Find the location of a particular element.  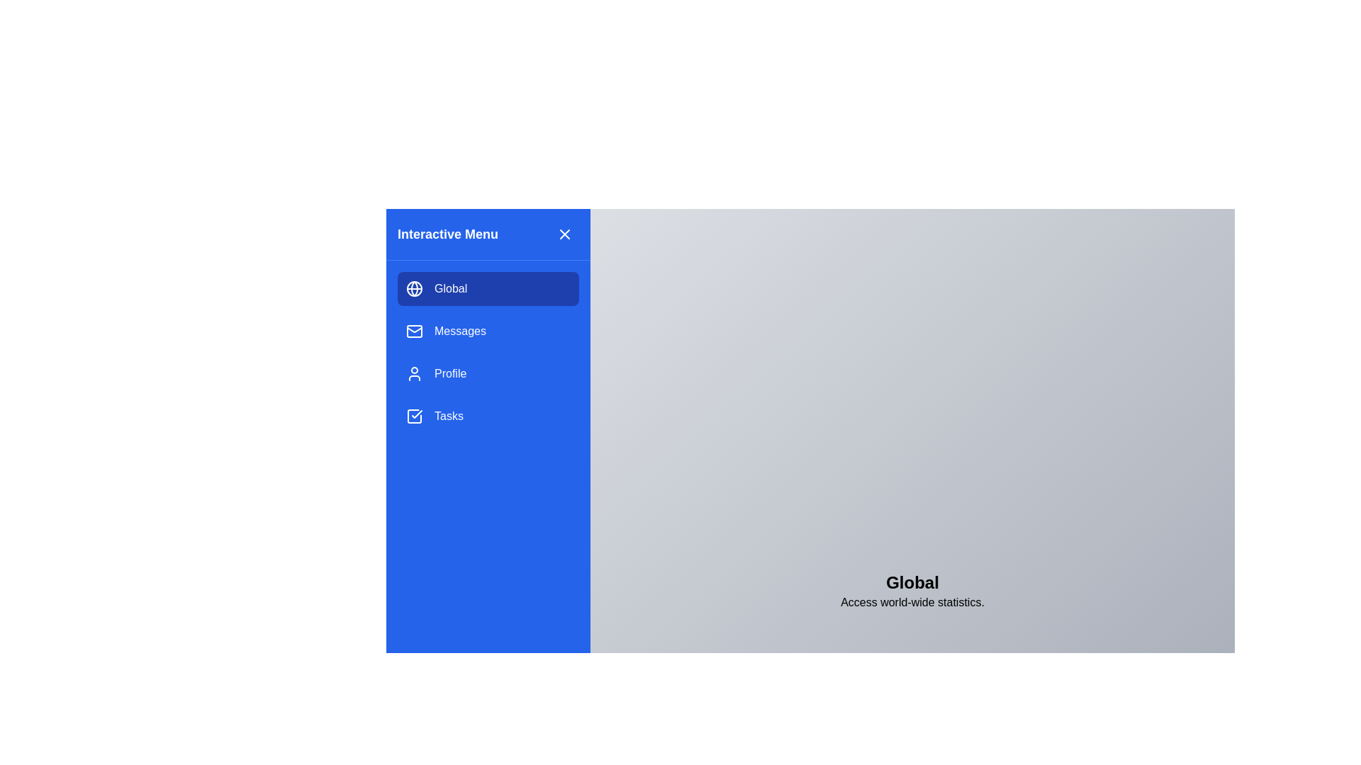

the text label 'Global' in the blue side navigation bar, which is part of the interactive menu item styled with a globe icon on the left is located at coordinates (450, 288).